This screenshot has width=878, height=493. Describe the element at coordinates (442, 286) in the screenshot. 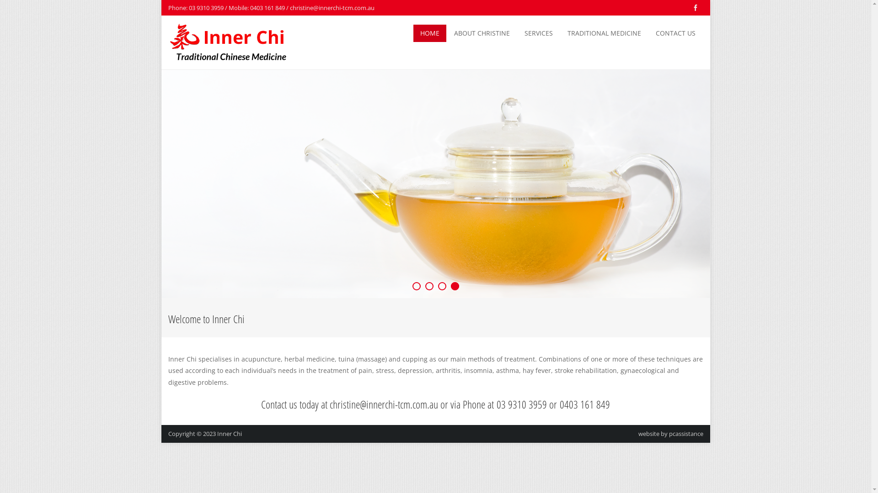

I see `'3'` at that location.